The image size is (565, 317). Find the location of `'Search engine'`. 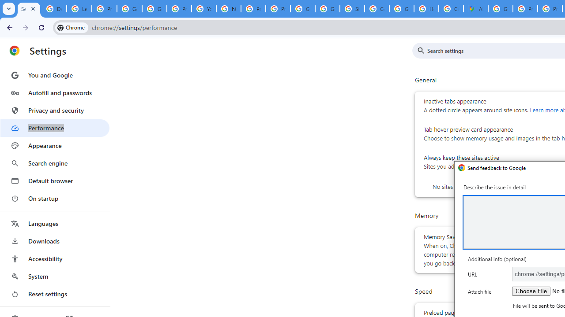

'Search engine' is located at coordinates (54, 163).